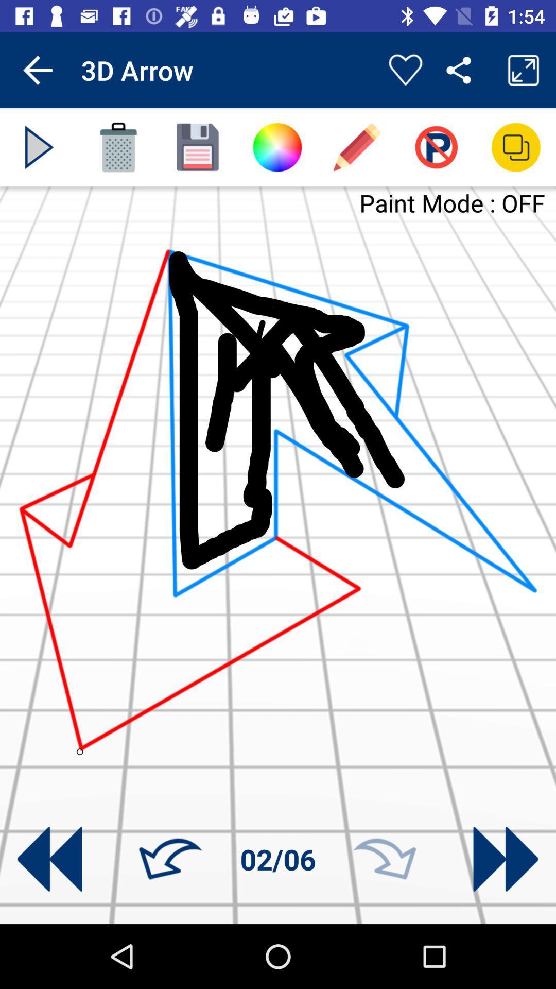  Describe the element at coordinates (49, 859) in the screenshot. I see `turn back on drawing tutorial` at that location.